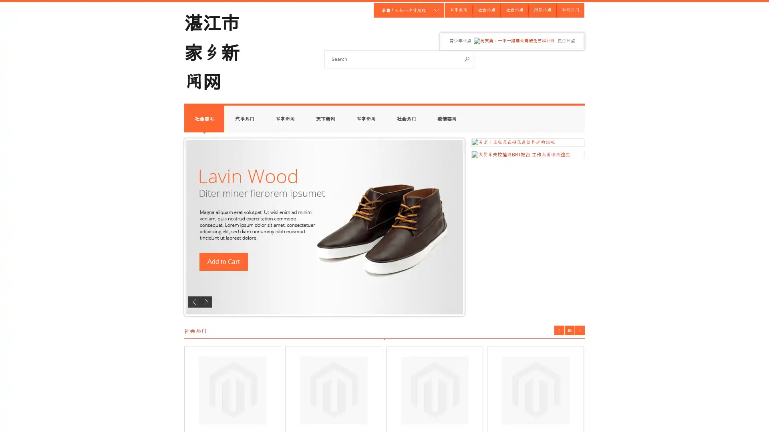 The height and width of the screenshot is (432, 769). I want to click on Search, so click(467, 58).